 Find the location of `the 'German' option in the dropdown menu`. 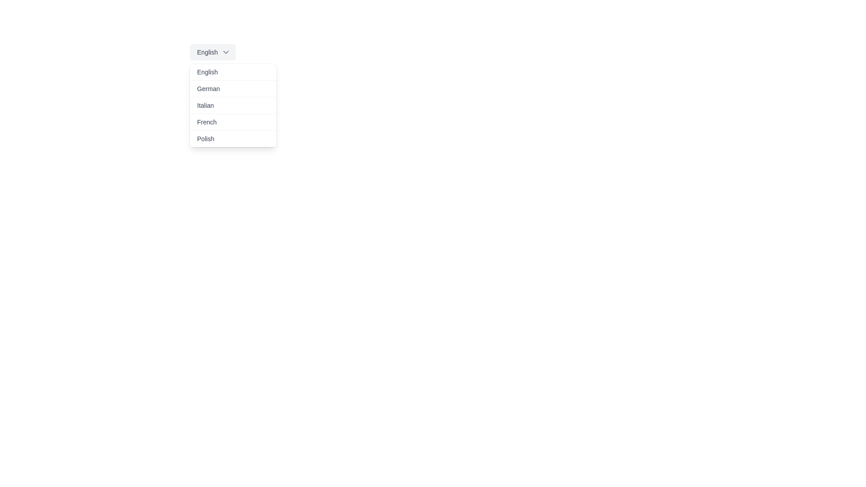

the 'German' option in the dropdown menu is located at coordinates (233, 88).